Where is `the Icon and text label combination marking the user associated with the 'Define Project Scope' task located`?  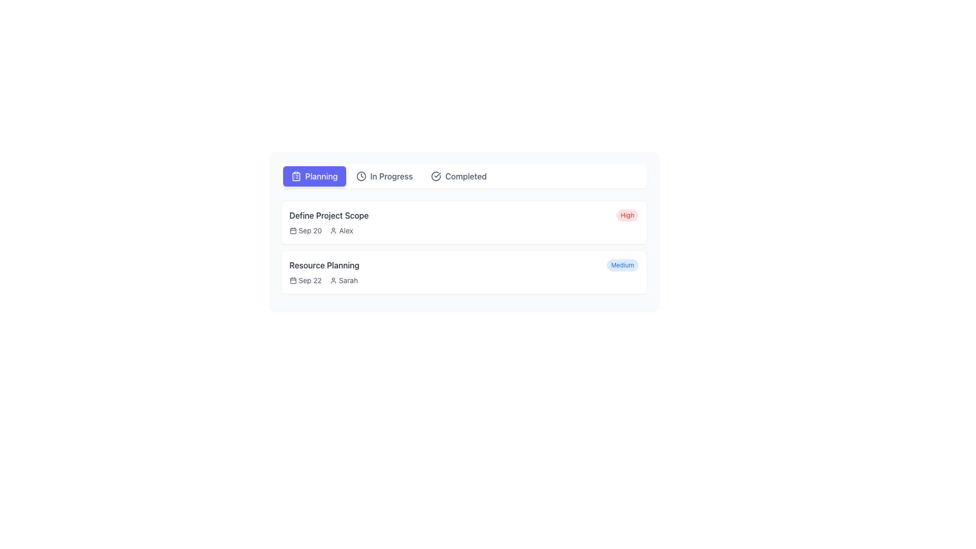 the Icon and text label combination marking the user associated with the 'Define Project Scope' task located is located at coordinates (342, 231).